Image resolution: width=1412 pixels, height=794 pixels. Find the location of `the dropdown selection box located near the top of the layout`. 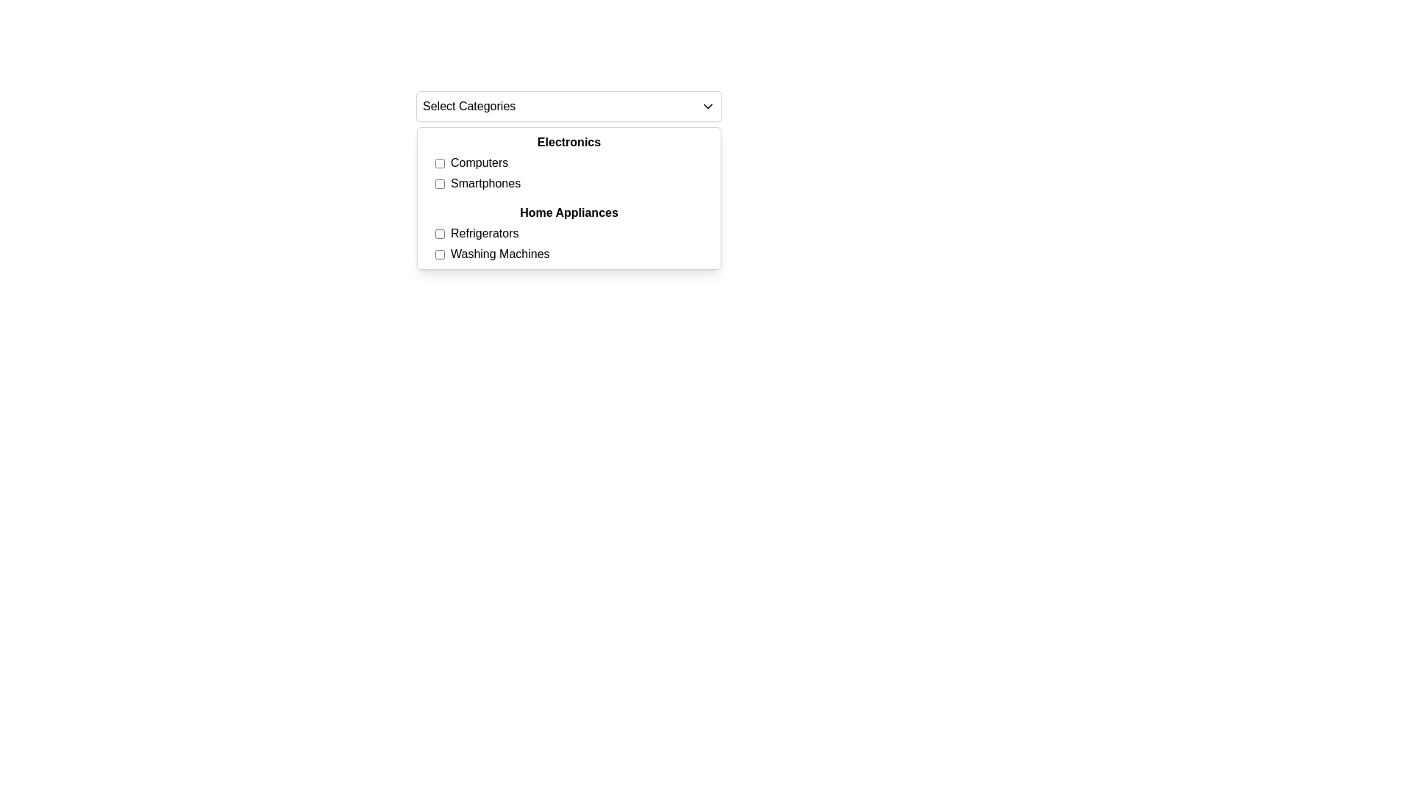

the dropdown selection box located near the top of the layout is located at coordinates (568, 106).